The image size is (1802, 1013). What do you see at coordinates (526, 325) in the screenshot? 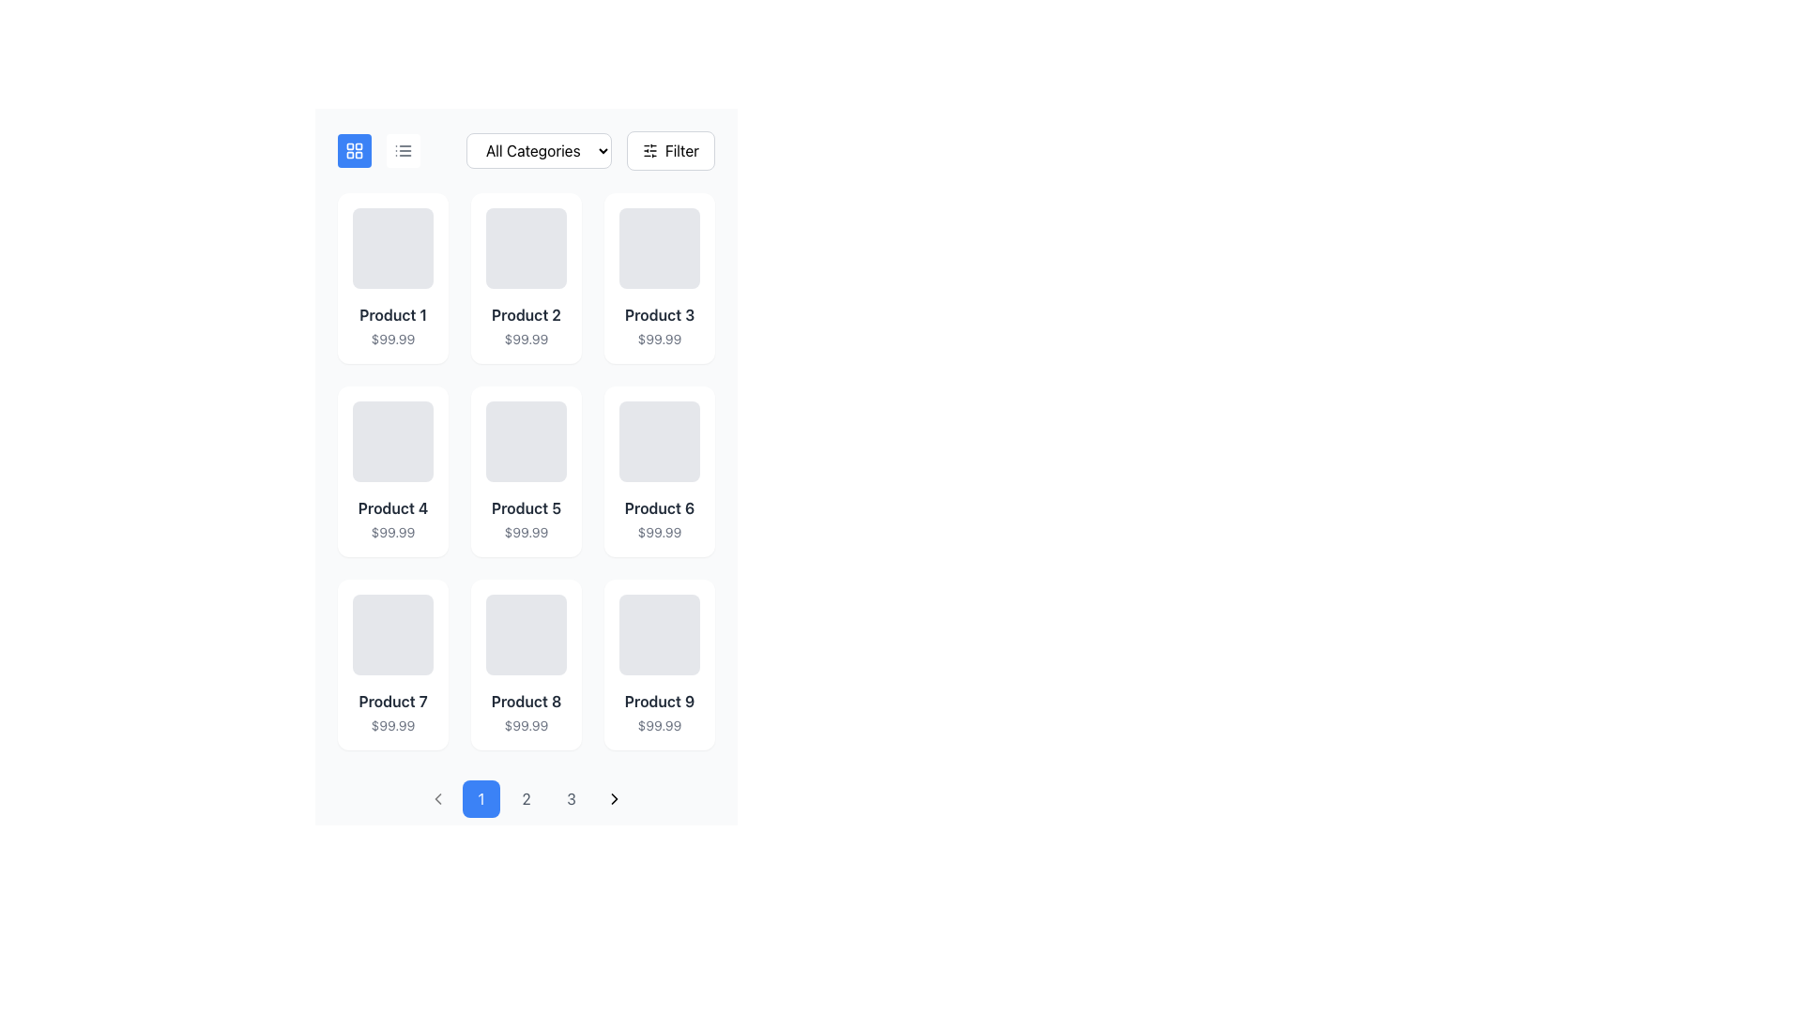
I see `the text display that shows the product name and price, located in the second column and first row of the grid layout` at bounding box center [526, 325].